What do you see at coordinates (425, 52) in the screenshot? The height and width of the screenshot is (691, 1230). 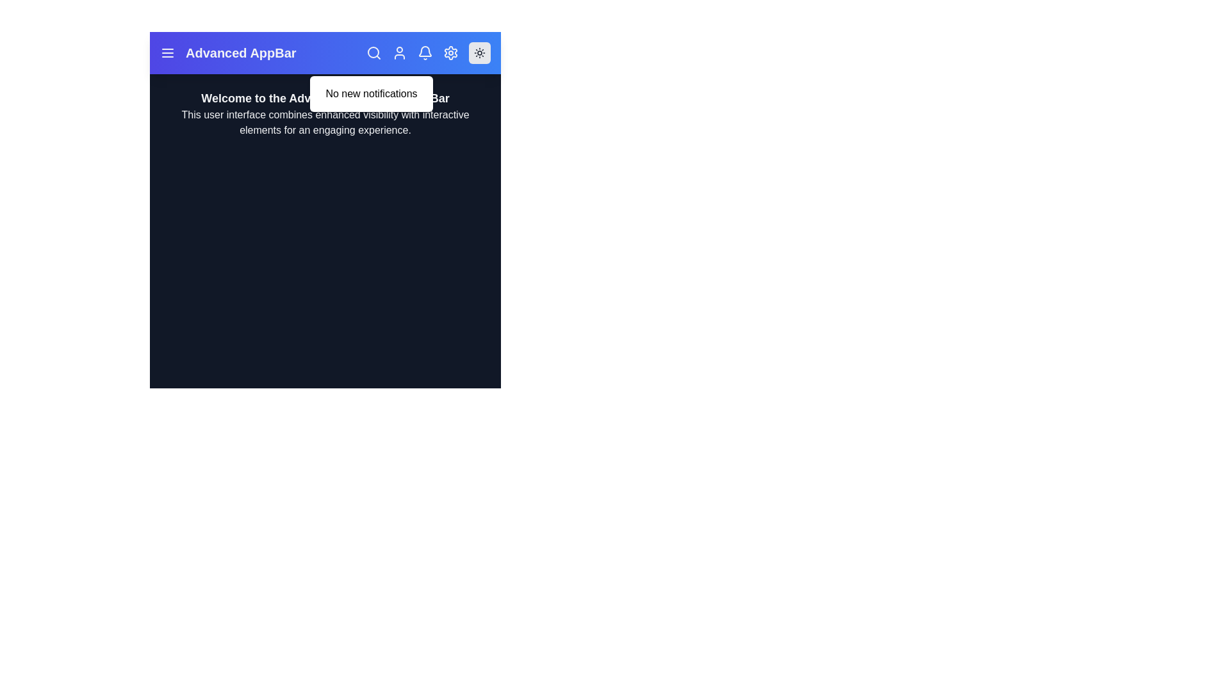 I see `the interactive element bell` at bounding box center [425, 52].